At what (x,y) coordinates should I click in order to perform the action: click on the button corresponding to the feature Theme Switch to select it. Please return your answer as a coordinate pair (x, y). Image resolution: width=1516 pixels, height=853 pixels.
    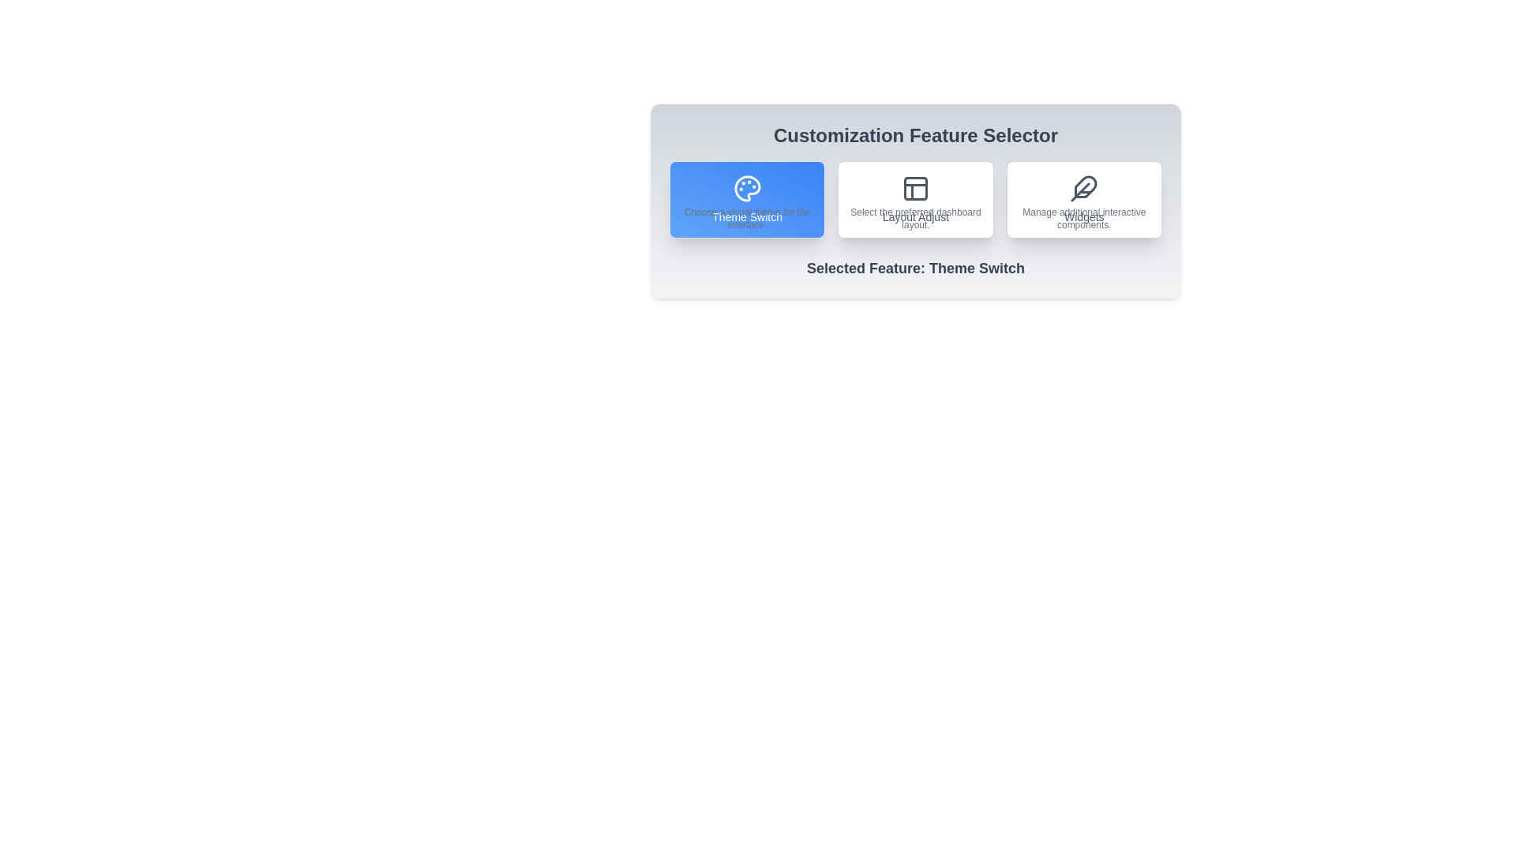
    Looking at the image, I should click on (746, 199).